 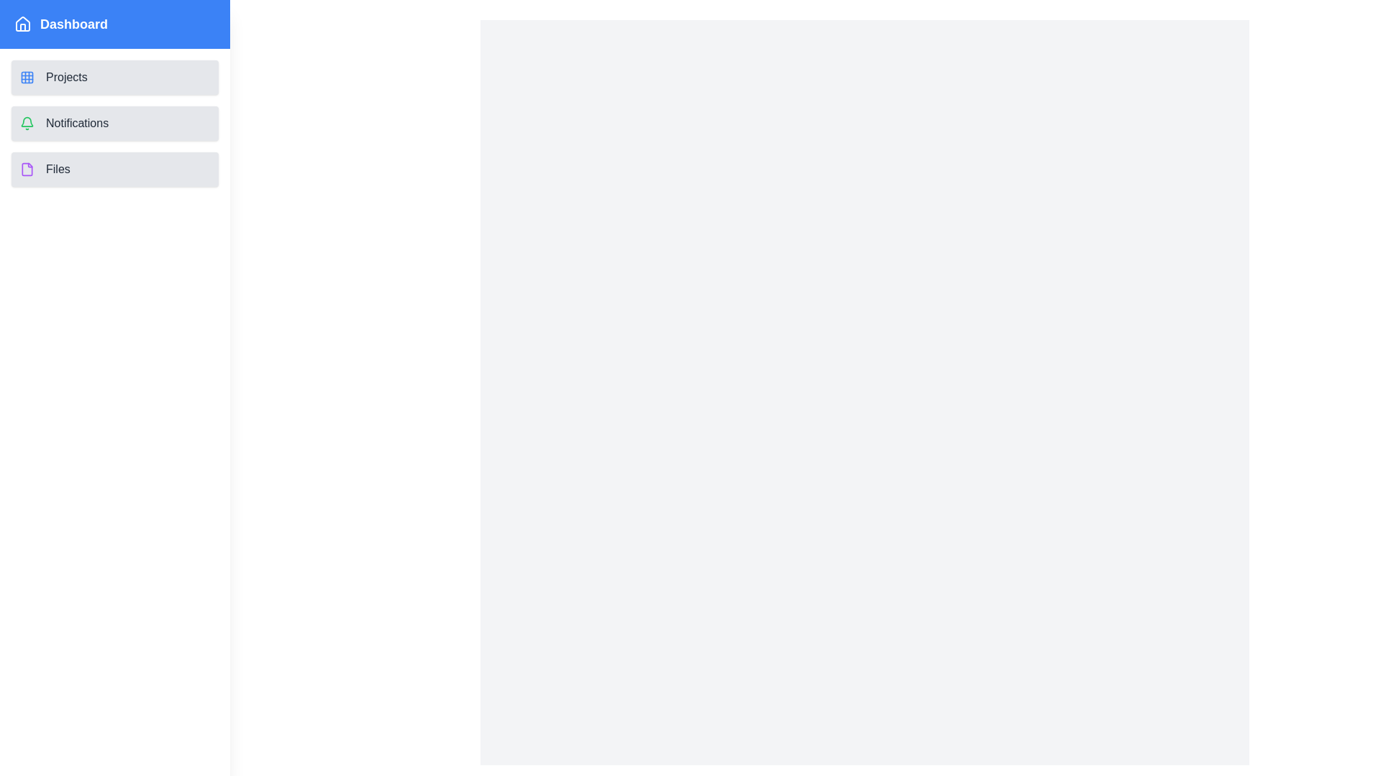 I want to click on the menu item Notifications in the drawer menu, so click(x=114, y=123).